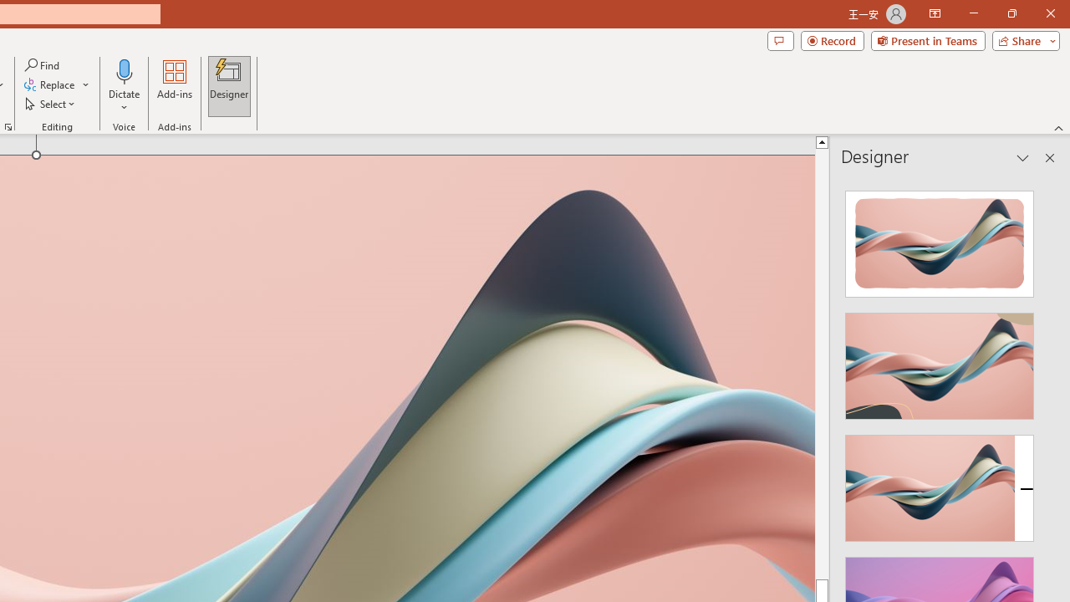 This screenshot has height=602, width=1070. Describe the element at coordinates (940, 239) in the screenshot. I see `'Recommended Design: Design Idea'` at that location.